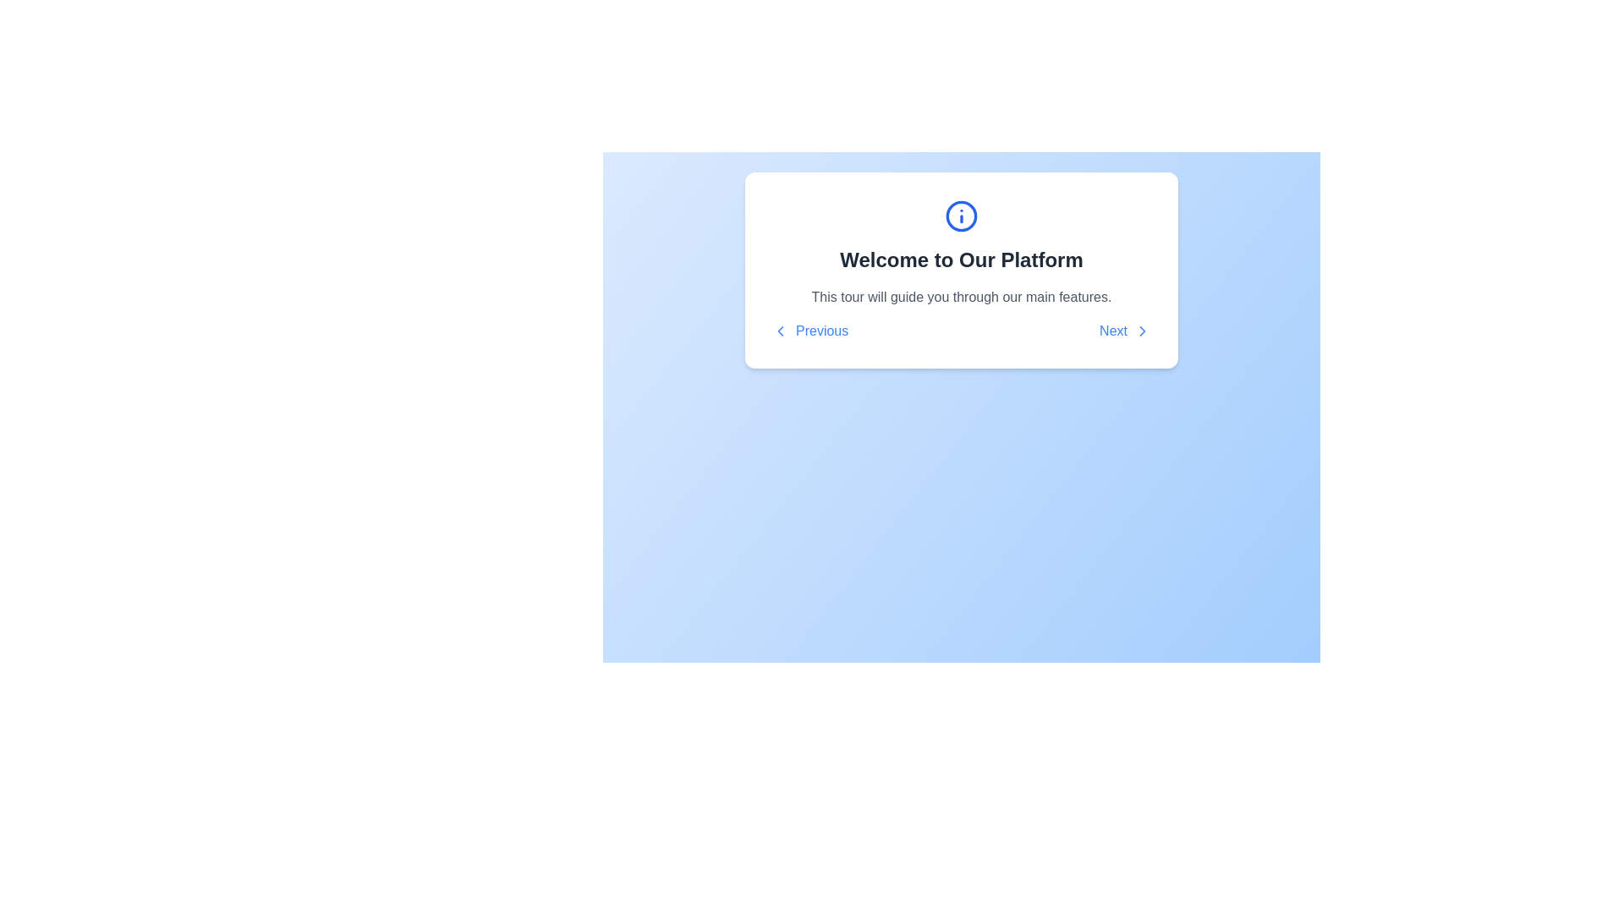  What do you see at coordinates (1142, 331) in the screenshot?
I see `the Chevron Right icon located in the bottom-right corner of the card interface` at bounding box center [1142, 331].